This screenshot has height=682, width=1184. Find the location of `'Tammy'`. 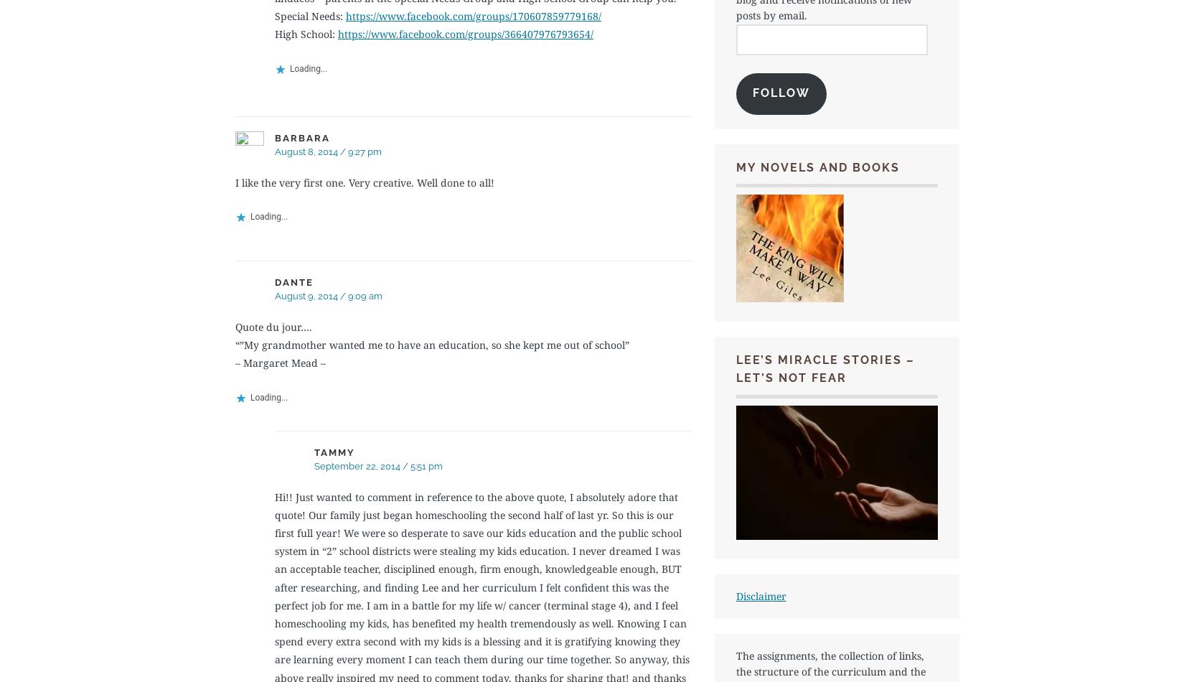

'Tammy' is located at coordinates (314, 452).